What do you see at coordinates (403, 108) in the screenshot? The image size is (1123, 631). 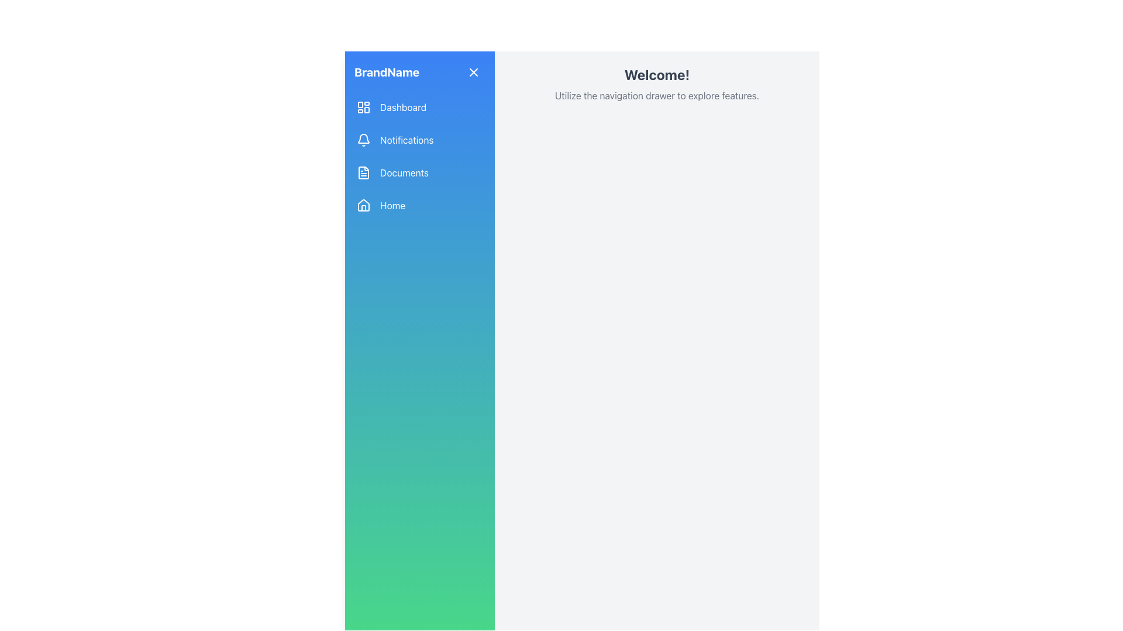 I see `the navigational Text Label located below the 'BrandName' label` at bounding box center [403, 108].